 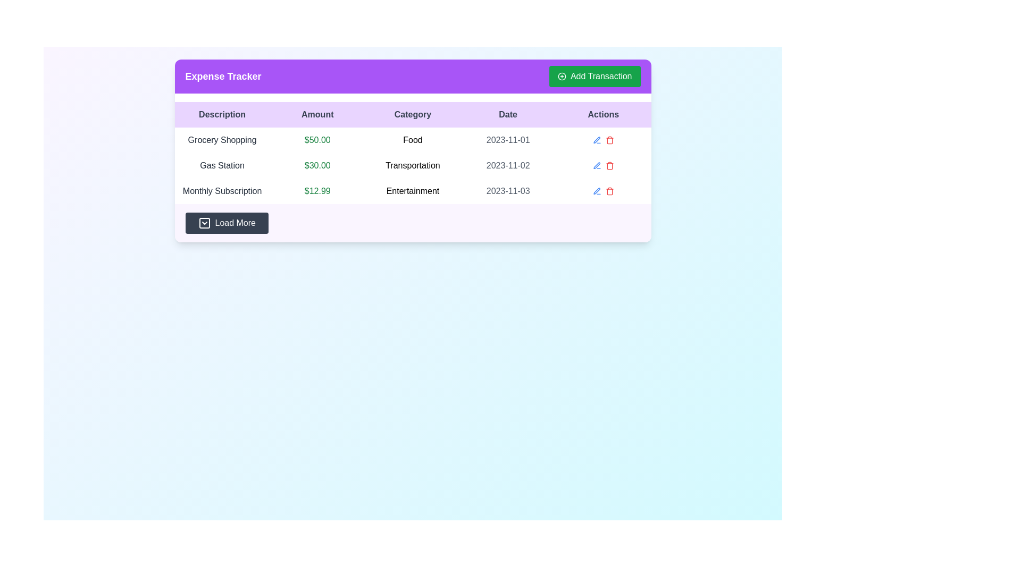 I want to click on the 'Monthly Subscription' text label in the Description column of the table, which is positioned in the third row, adjacent to '$12.99', 'Entertainment', and '2023-11-03', so click(x=222, y=190).